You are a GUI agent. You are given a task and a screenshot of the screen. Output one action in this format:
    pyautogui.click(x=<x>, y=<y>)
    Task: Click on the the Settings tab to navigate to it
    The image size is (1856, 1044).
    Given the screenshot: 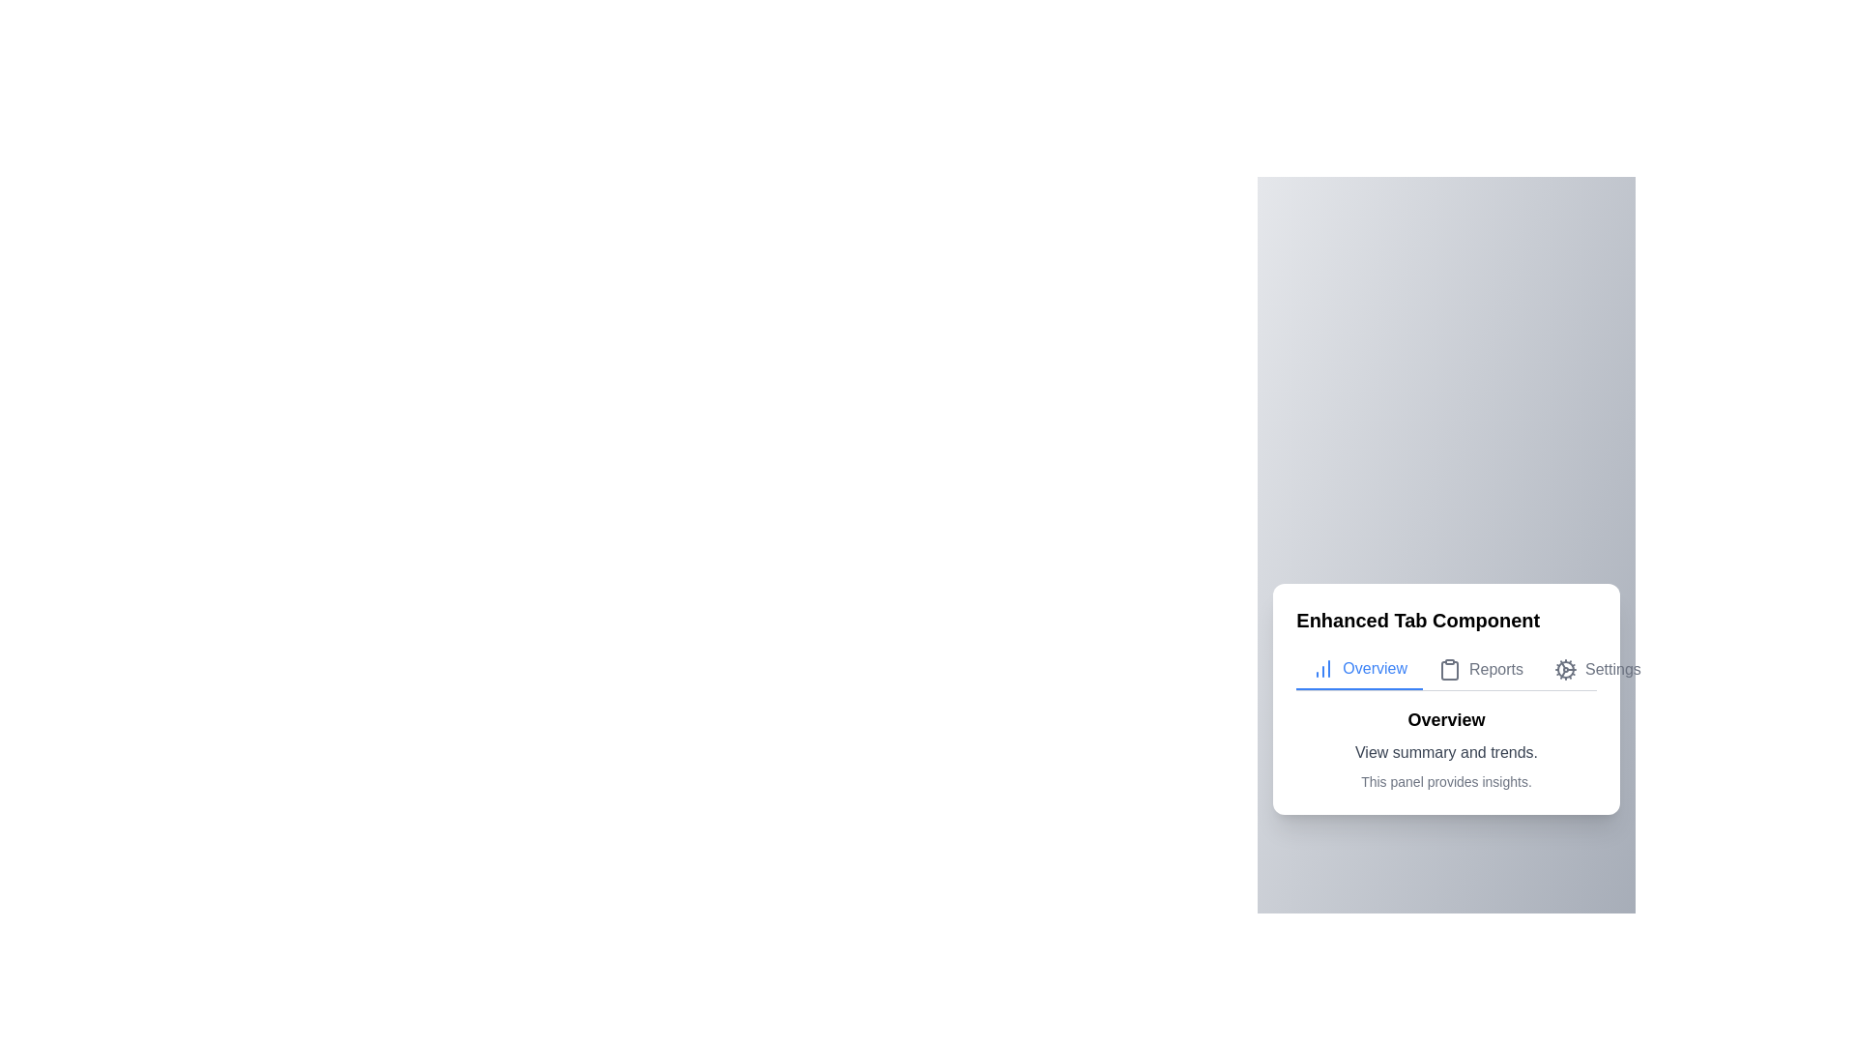 What is the action you would take?
    pyautogui.click(x=1597, y=668)
    